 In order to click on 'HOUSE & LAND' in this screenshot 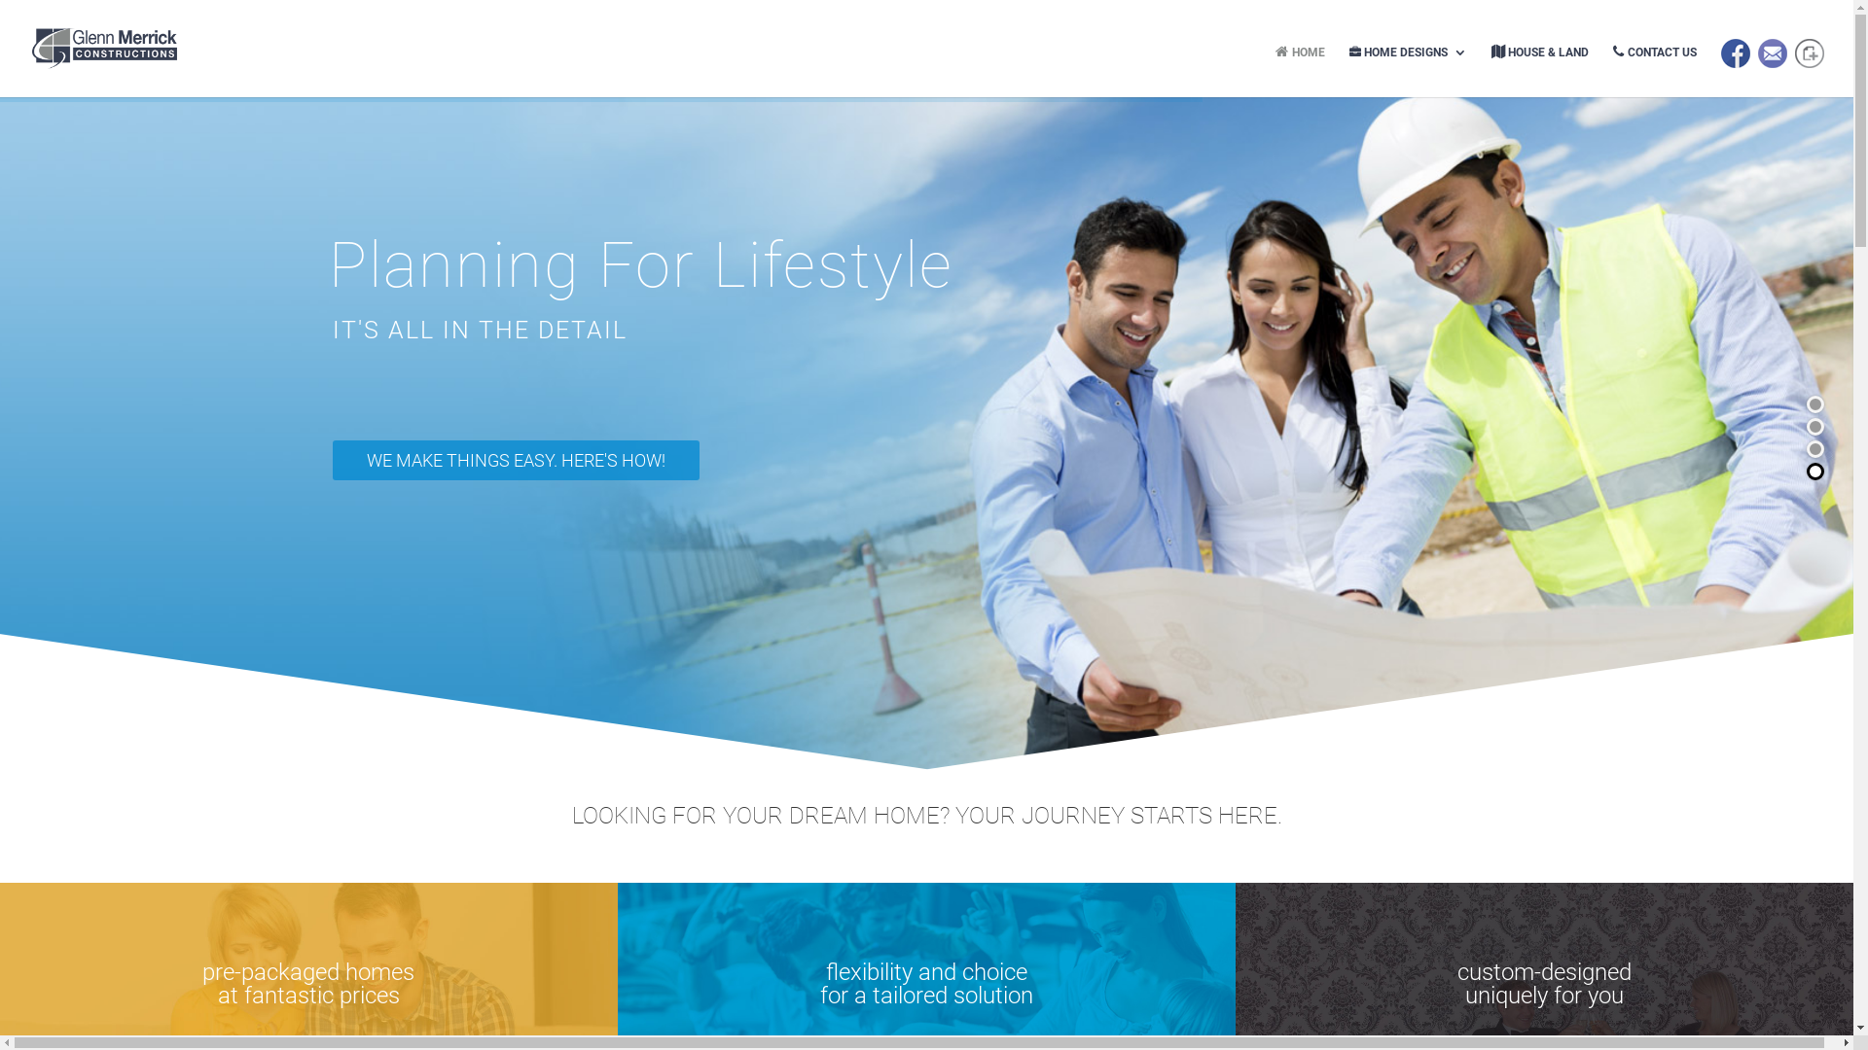, I will do `click(1539, 66)`.